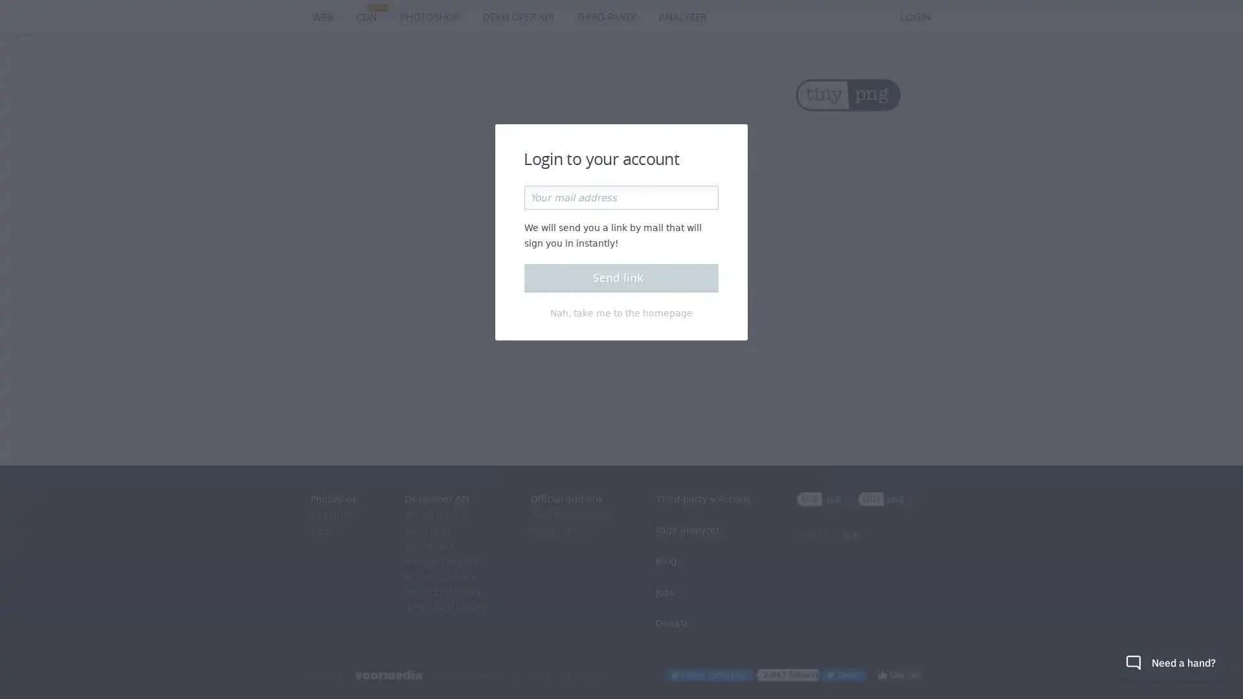 This screenshot has height=699, width=1243. I want to click on Send link, so click(621, 277).